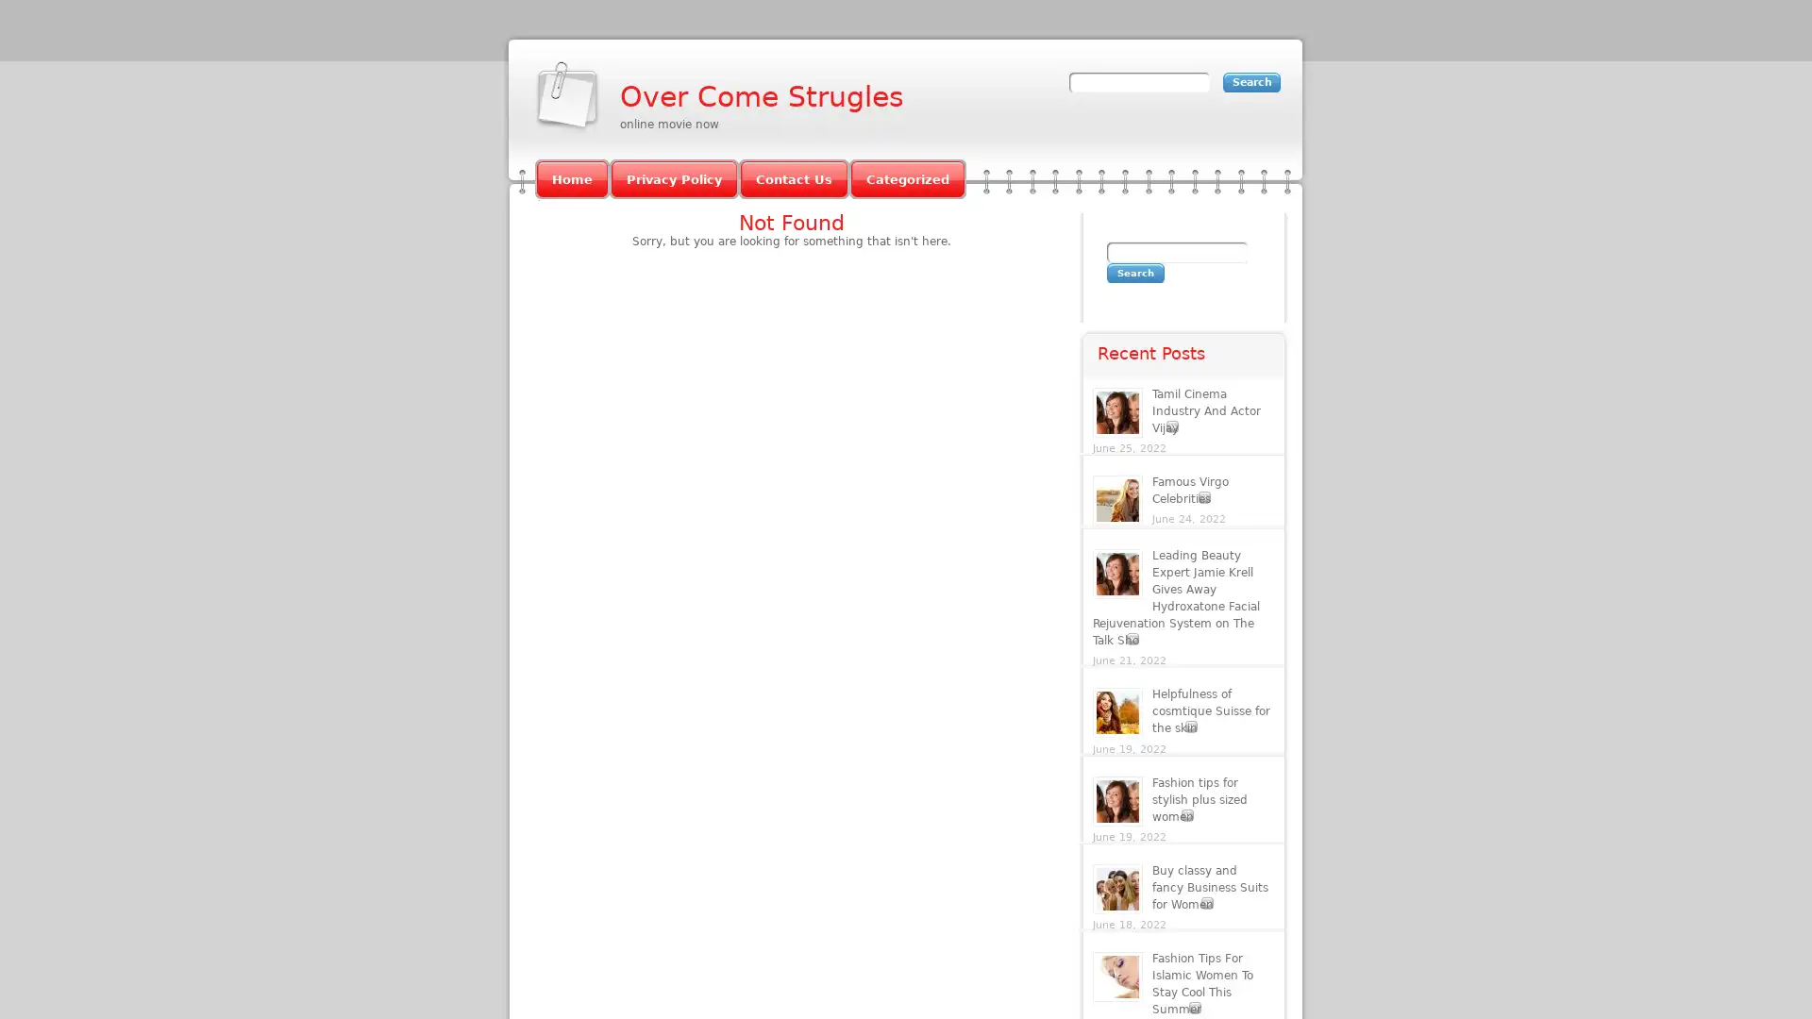 The image size is (1812, 1019). I want to click on Search, so click(1251, 81).